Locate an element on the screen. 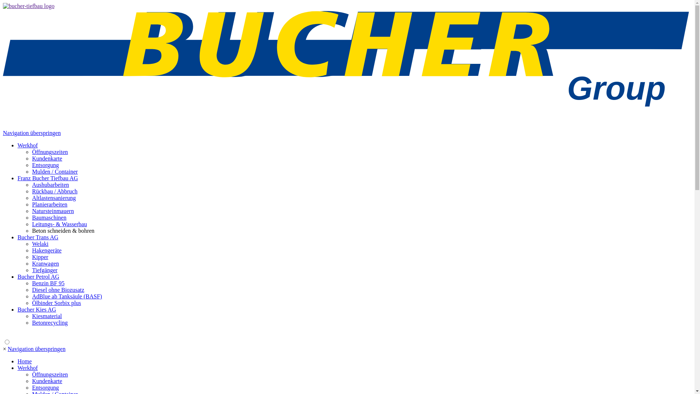 The height and width of the screenshot is (394, 700). 'Kundenkarte' is located at coordinates (47, 381).